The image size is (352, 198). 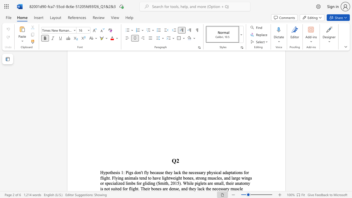 I want to click on the subset text "bones, strong muscles, and large wings or specialized limbs for gliding (Smith, 2015). While piglets are small, their anatomy is not suited for flight. Their bones are dense, and they lack the necessar" within the text "flight. Flying animals tend to have lightweight bones, strong muscles, and large wings or specialized limbs for gliding (Smith, 2015). While piglets are small, their anatomy is not suited for flight. Their bones are dense, and they lack the necessary muscl", so click(x=183, y=178).